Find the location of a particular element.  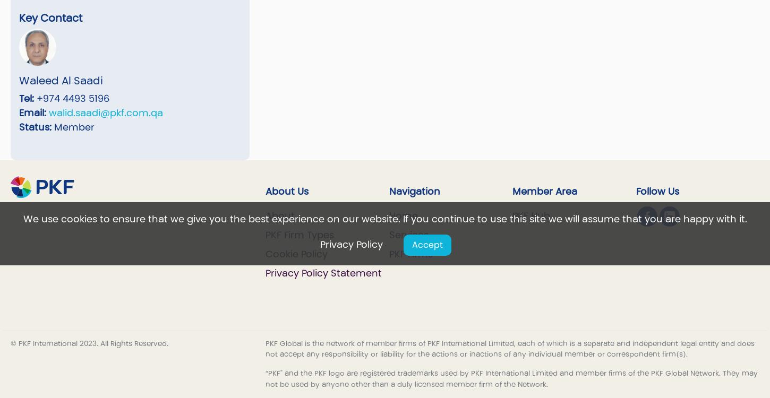

'Status:' is located at coordinates (35, 126).